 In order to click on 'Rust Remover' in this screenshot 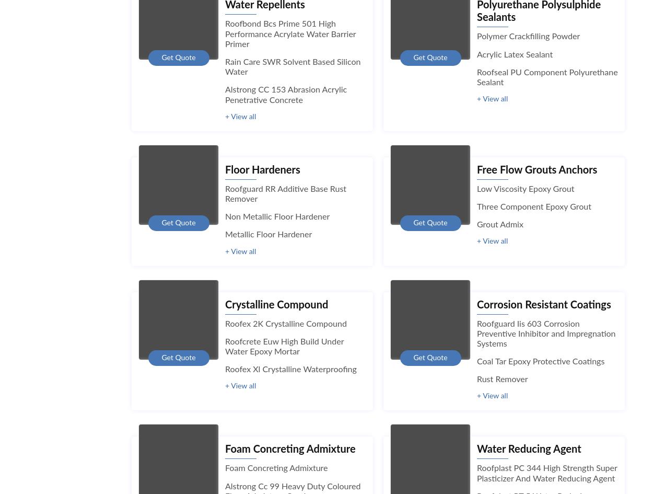, I will do `click(502, 380)`.